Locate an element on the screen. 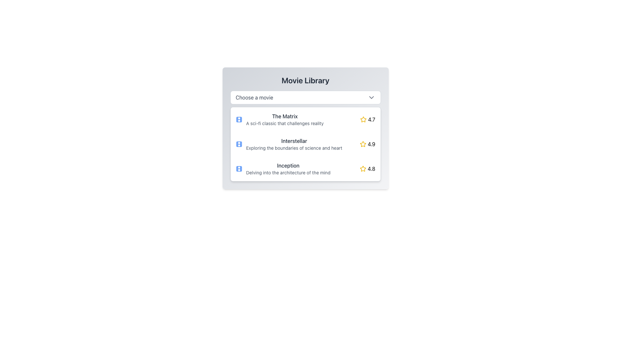 The image size is (623, 350). the 'Interstellar' text display element, which features a bold title and a subtitle is located at coordinates (294, 144).